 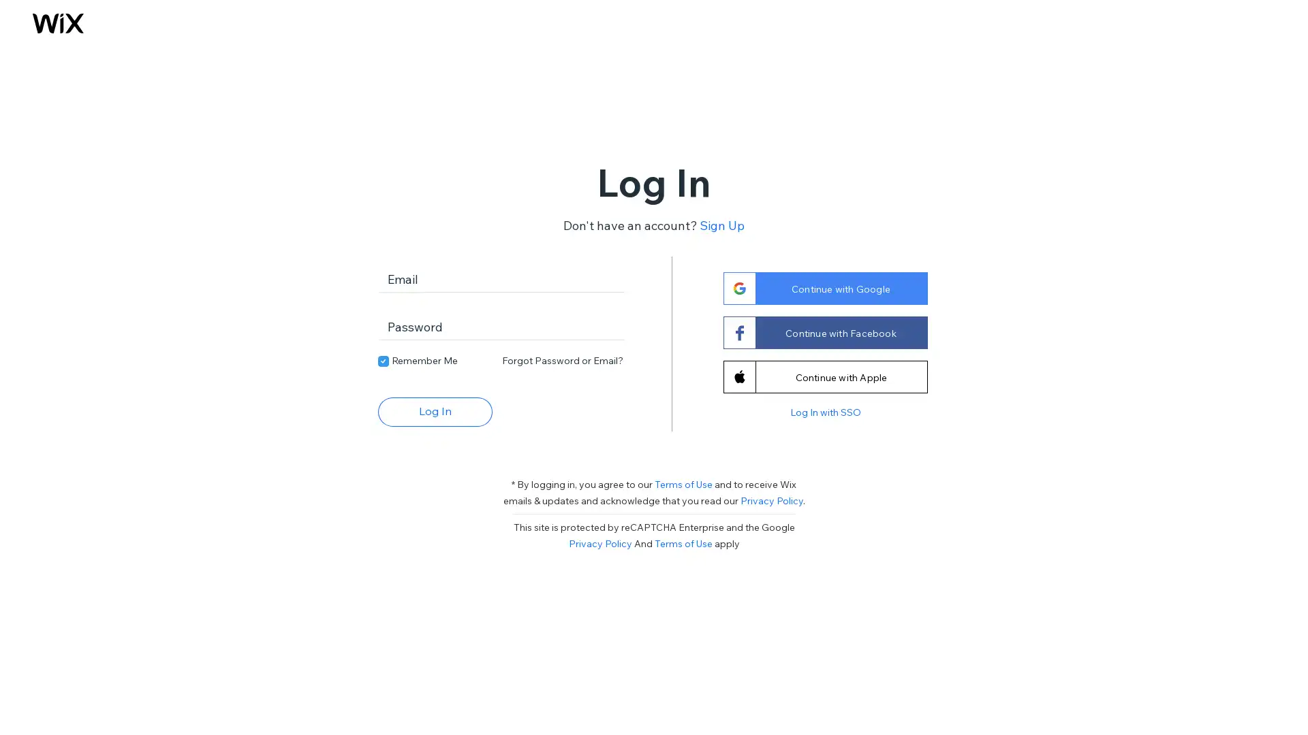 What do you see at coordinates (824, 287) in the screenshot?
I see `Continue with Google` at bounding box center [824, 287].